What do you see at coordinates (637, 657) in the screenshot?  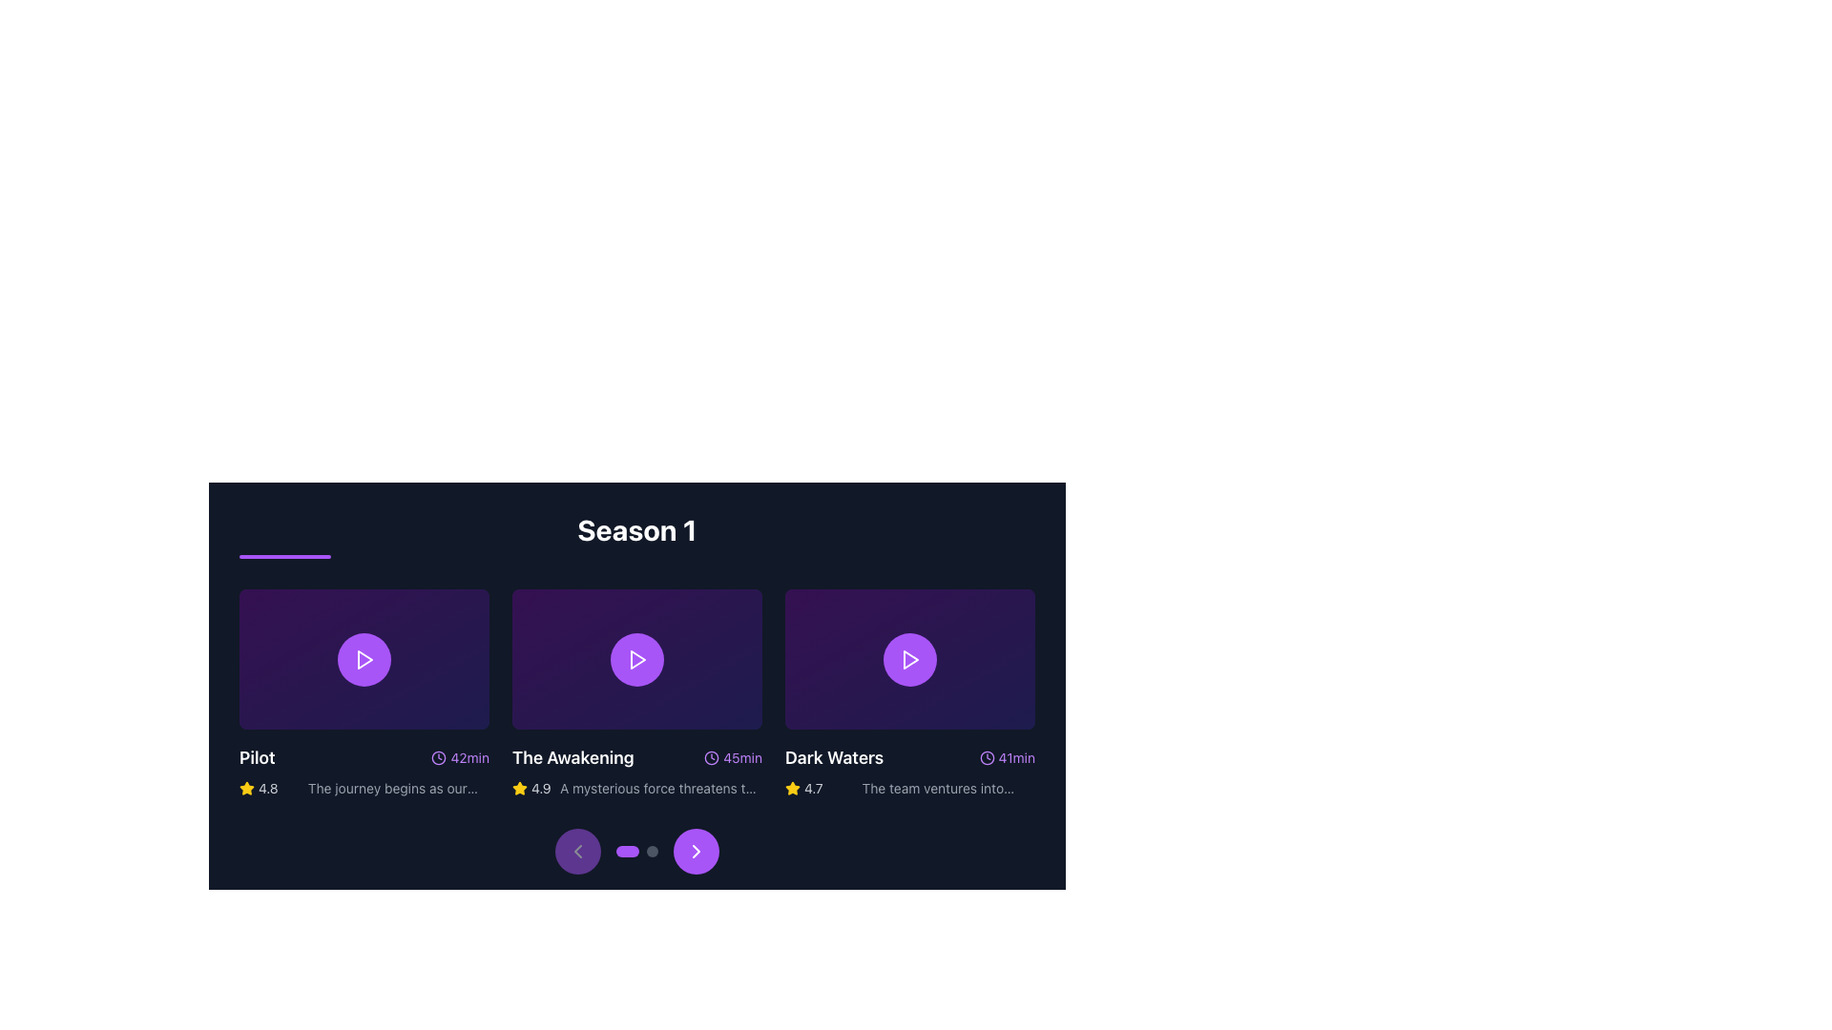 I see `the play icon located centrally within the second card from the left under the heading 'Season 1'` at bounding box center [637, 657].